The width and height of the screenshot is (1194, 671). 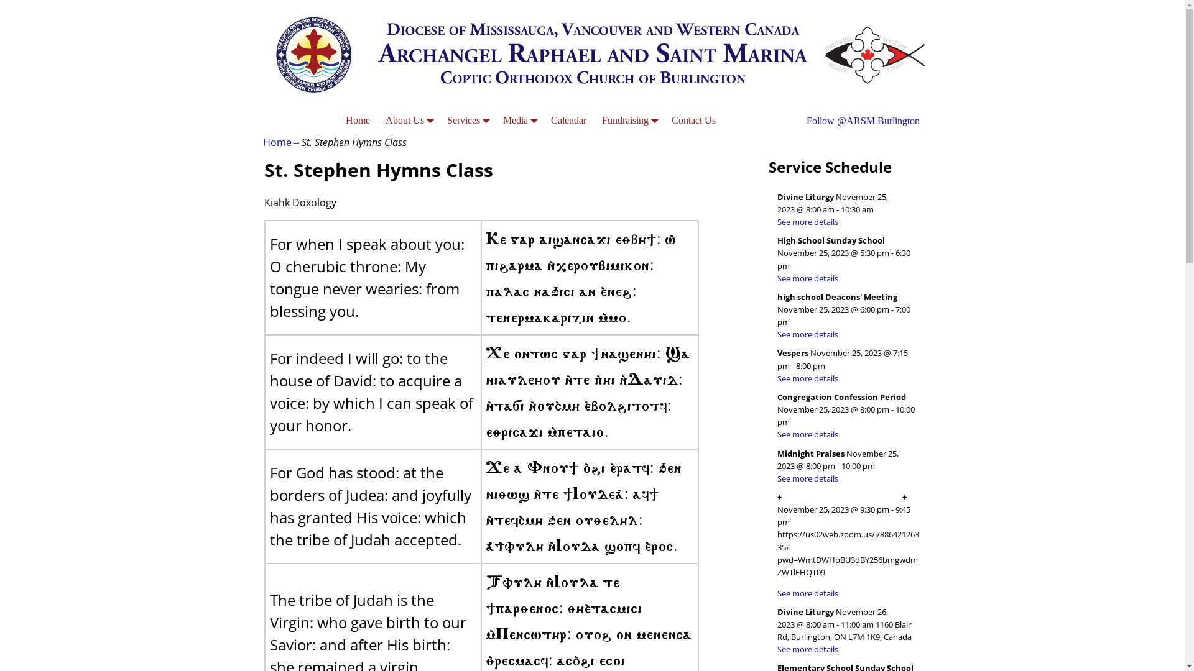 What do you see at coordinates (862, 121) in the screenshot?
I see `'Follow @ARSM Burlington'` at bounding box center [862, 121].